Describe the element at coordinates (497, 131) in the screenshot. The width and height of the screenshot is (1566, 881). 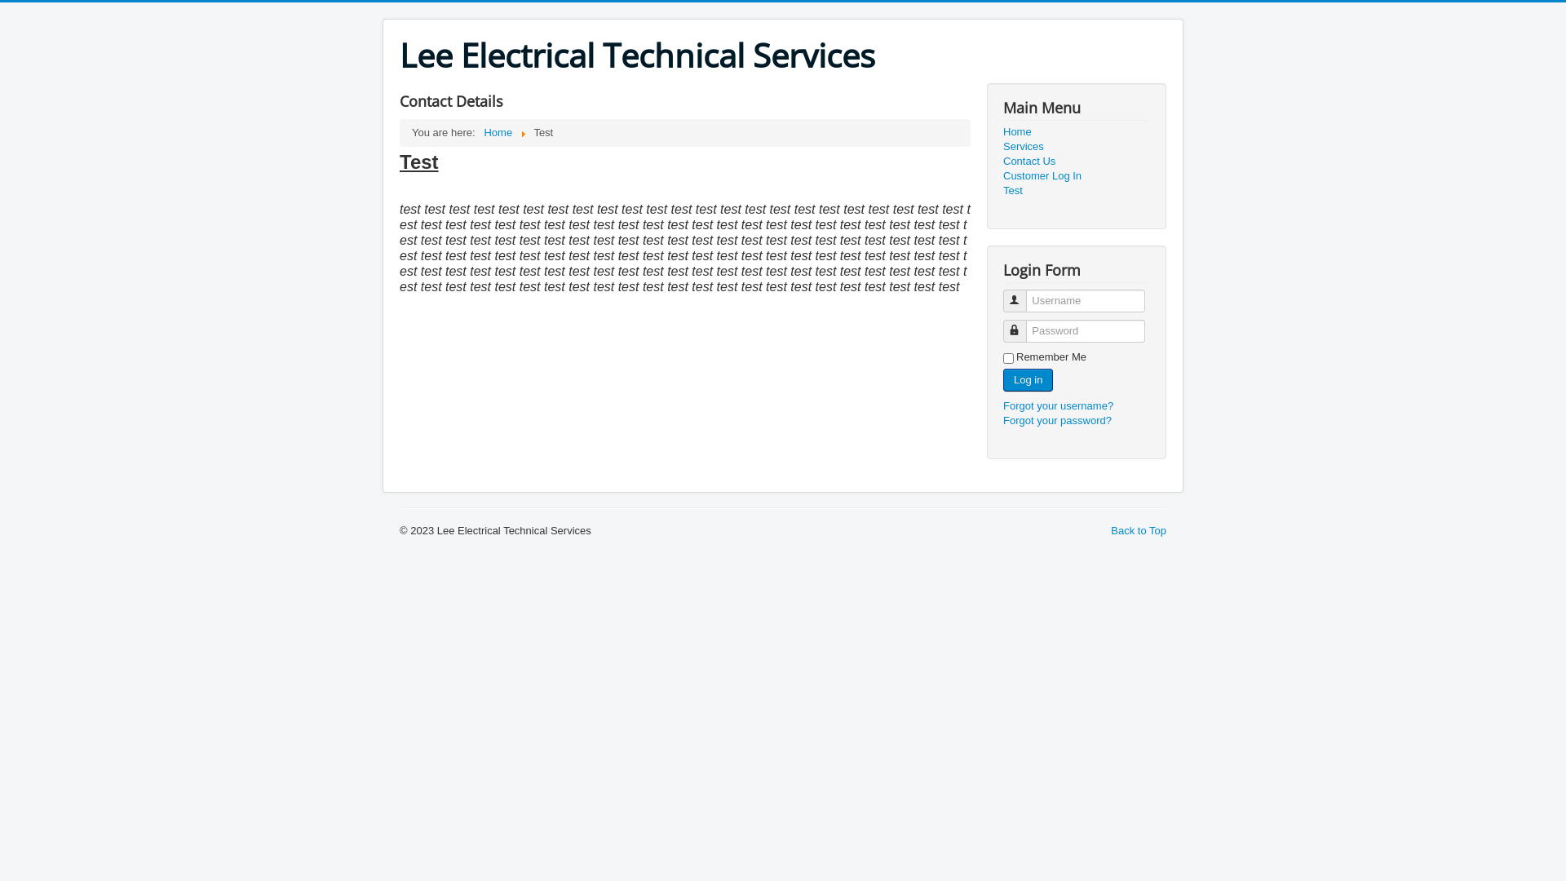
I see `'Home'` at that location.